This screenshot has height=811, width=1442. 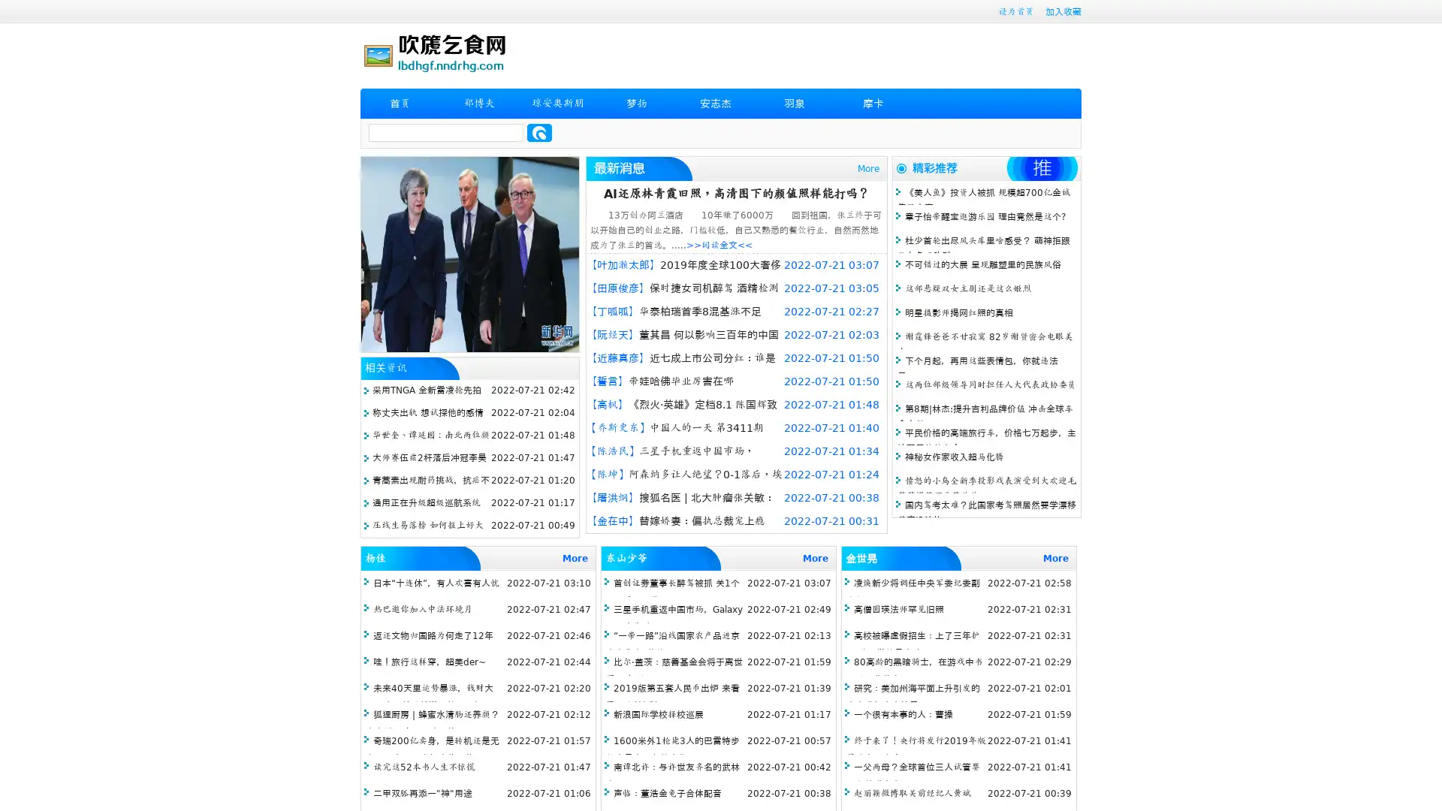 What do you see at coordinates (539, 132) in the screenshot?
I see `Search` at bounding box center [539, 132].